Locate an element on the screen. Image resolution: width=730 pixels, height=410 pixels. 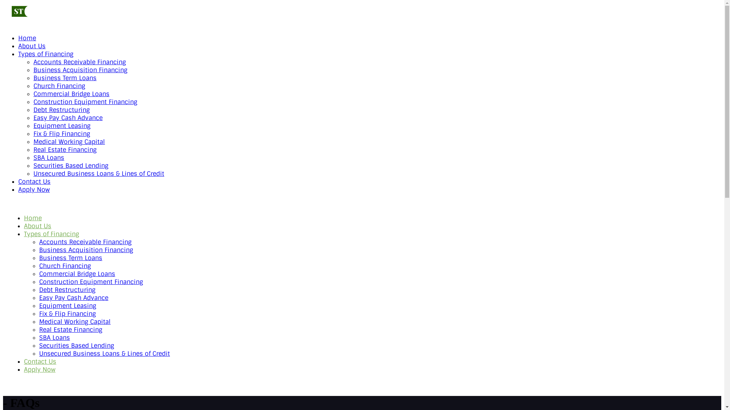
'Home' is located at coordinates (24, 218).